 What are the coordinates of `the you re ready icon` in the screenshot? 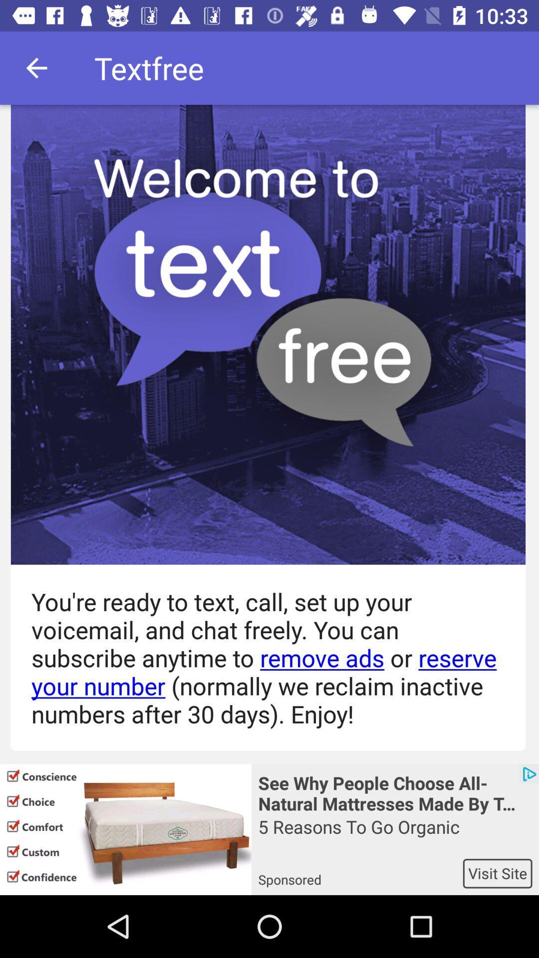 It's located at (262, 658).